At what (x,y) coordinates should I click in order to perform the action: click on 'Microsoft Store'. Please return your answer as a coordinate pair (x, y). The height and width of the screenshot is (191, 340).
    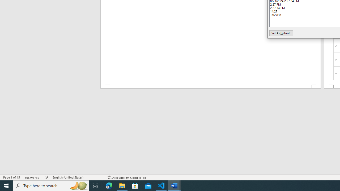
    Looking at the image, I should click on (135, 185).